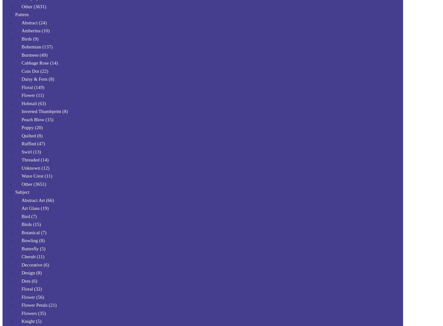  Describe the element at coordinates (15, 191) in the screenshot. I see `'Subject'` at that location.